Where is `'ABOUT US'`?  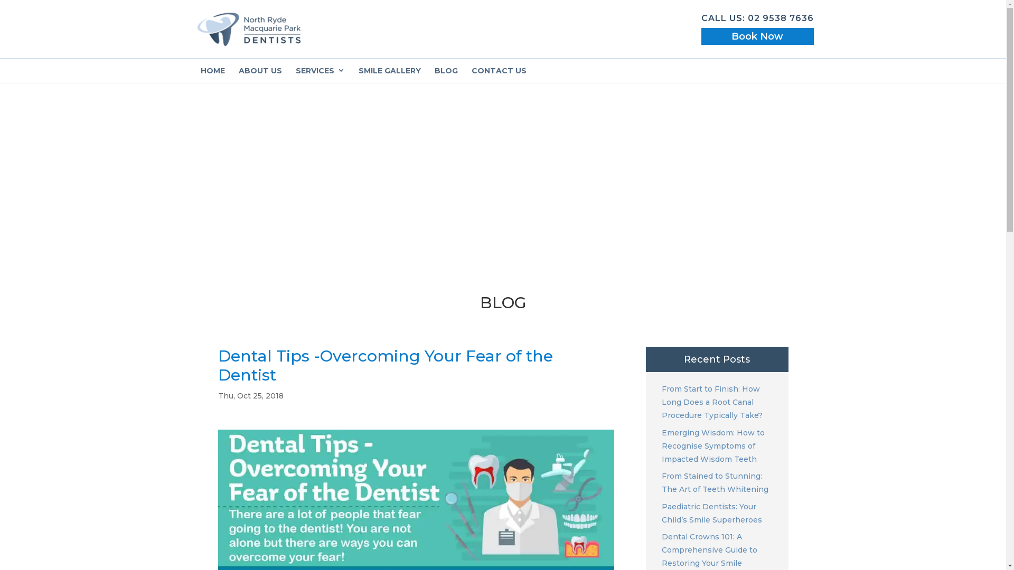
'ABOUT US' is located at coordinates (260, 71).